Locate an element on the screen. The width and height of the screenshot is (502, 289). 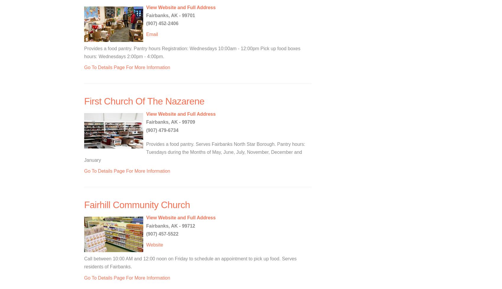
'Fairhill Community Church' is located at coordinates (137, 205).